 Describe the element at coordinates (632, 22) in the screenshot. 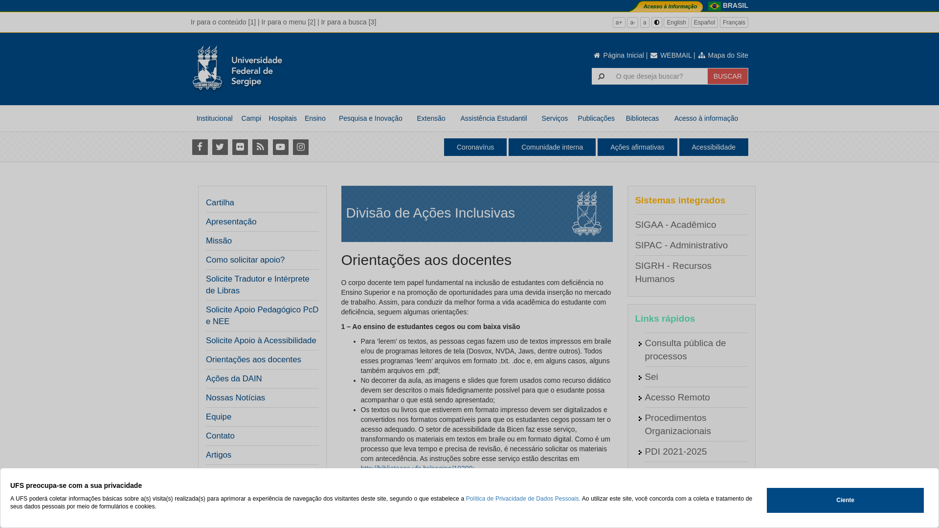

I see `'a-'` at that location.